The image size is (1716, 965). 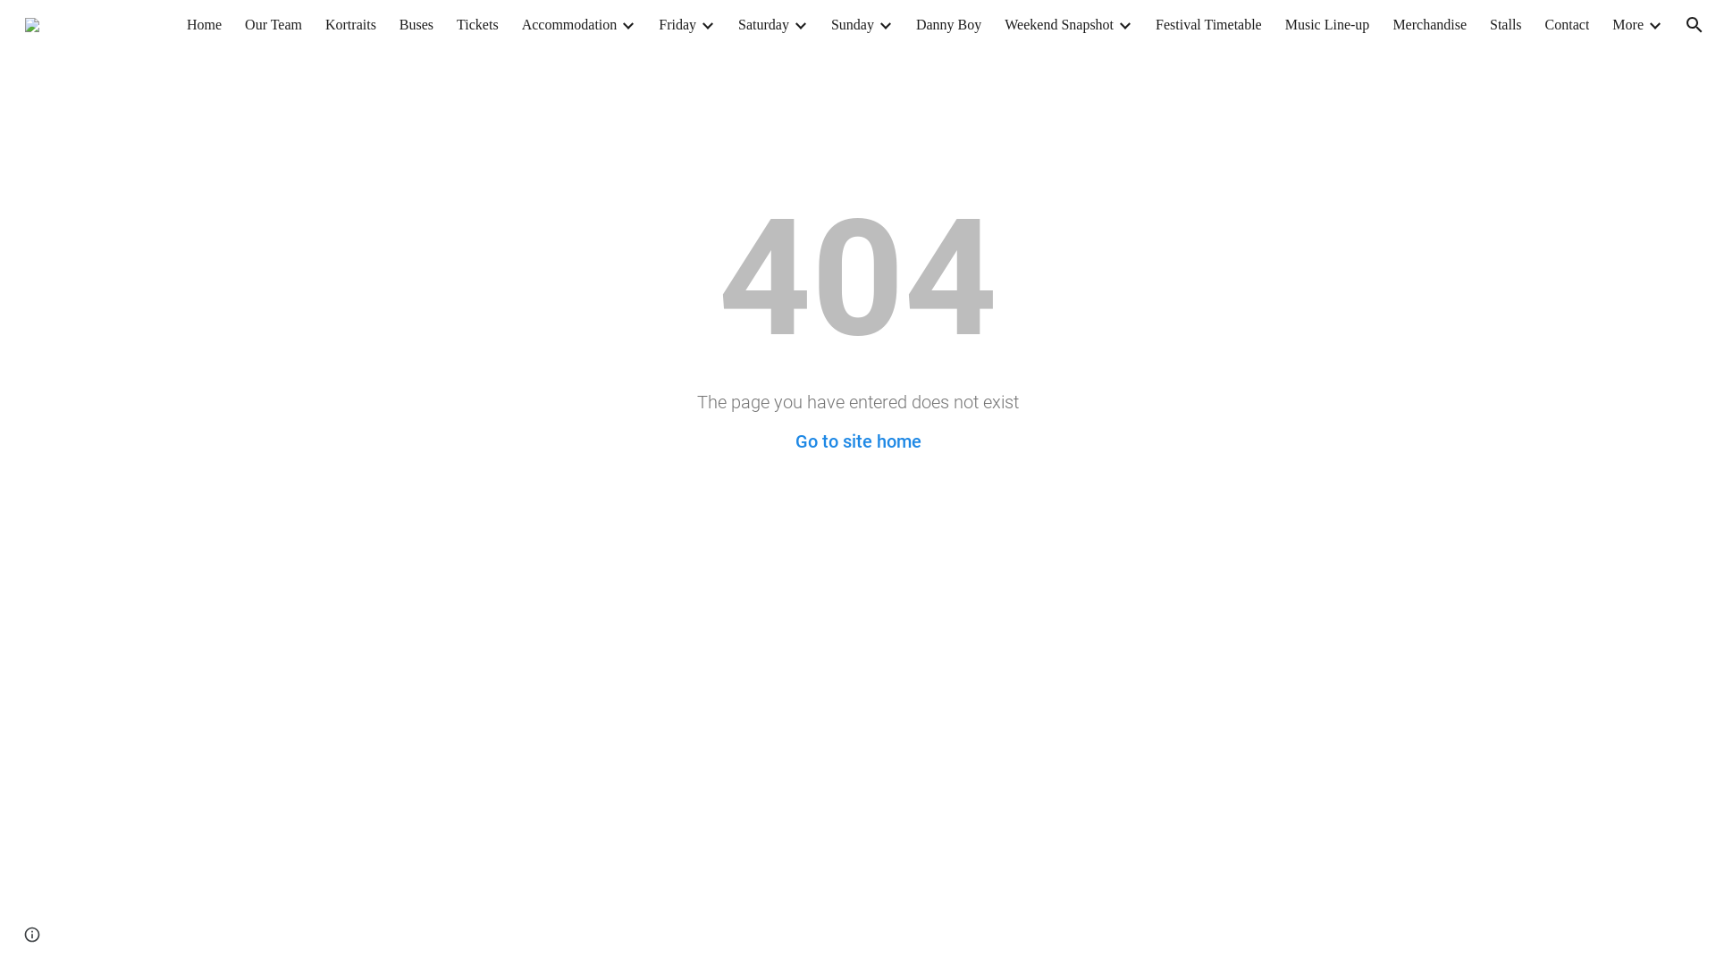 I want to click on 'Saturday', so click(x=763, y=24).